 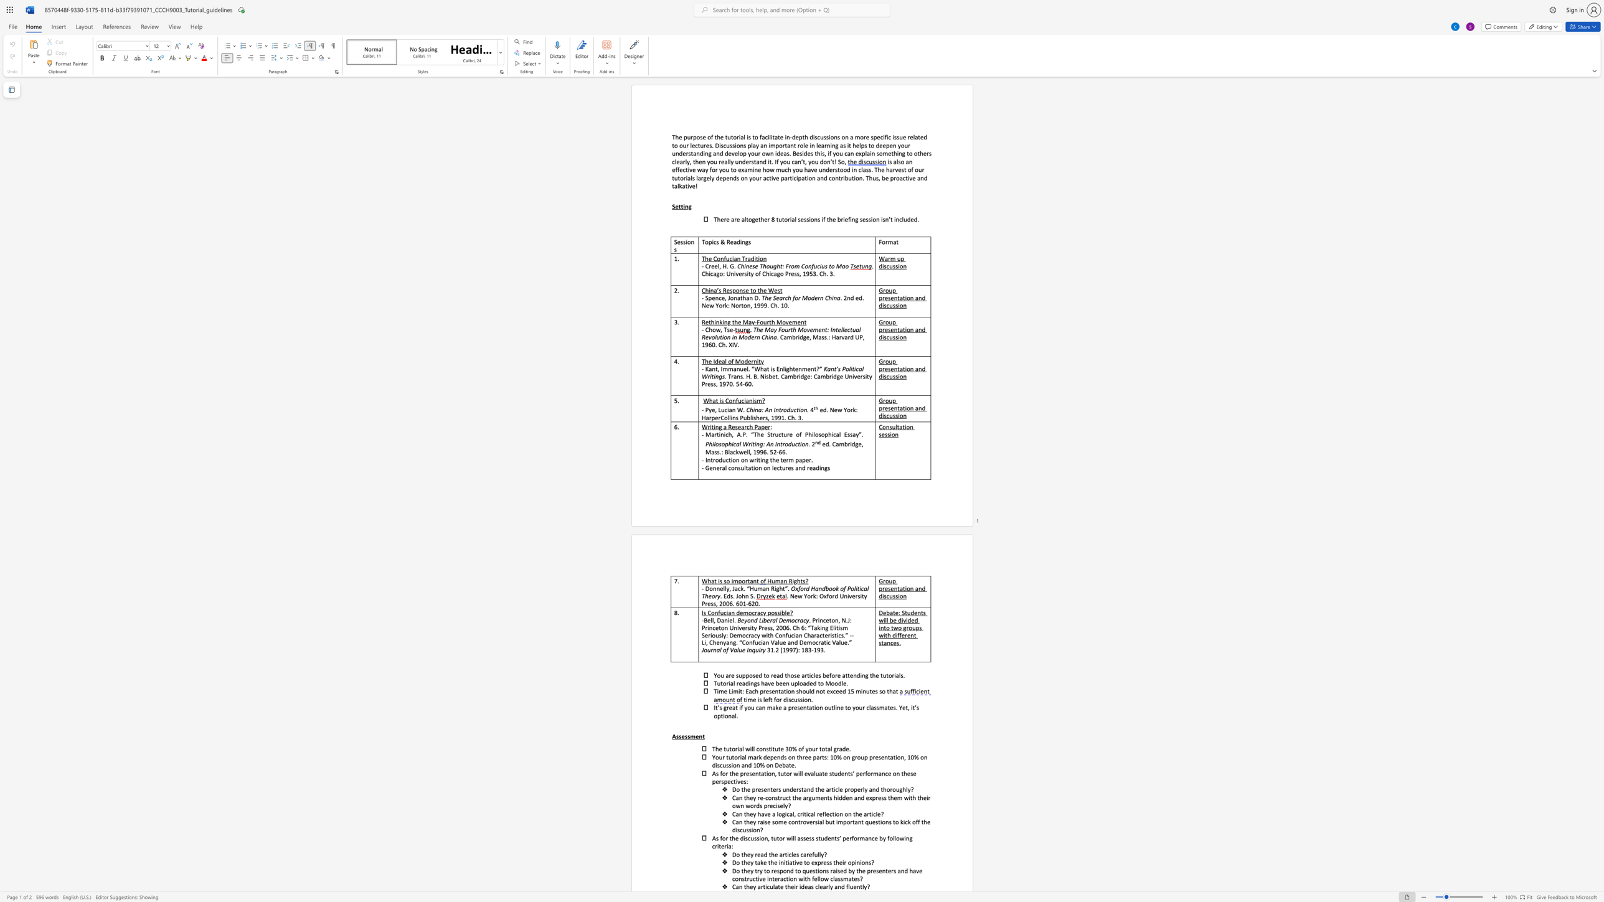 What do you see at coordinates (759, 219) in the screenshot?
I see `the 2th character "t" in the text` at bounding box center [759, 219].